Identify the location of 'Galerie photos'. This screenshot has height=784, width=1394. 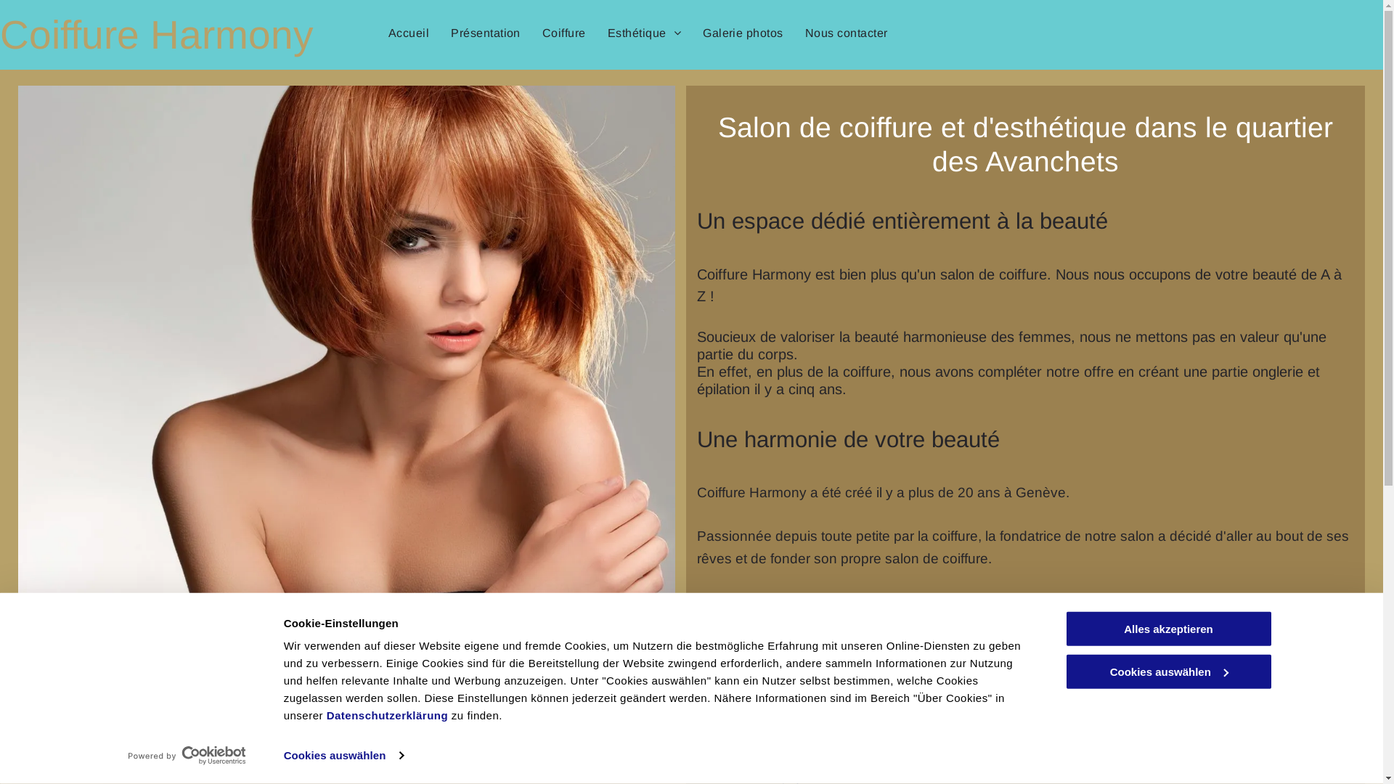
(691, 33).